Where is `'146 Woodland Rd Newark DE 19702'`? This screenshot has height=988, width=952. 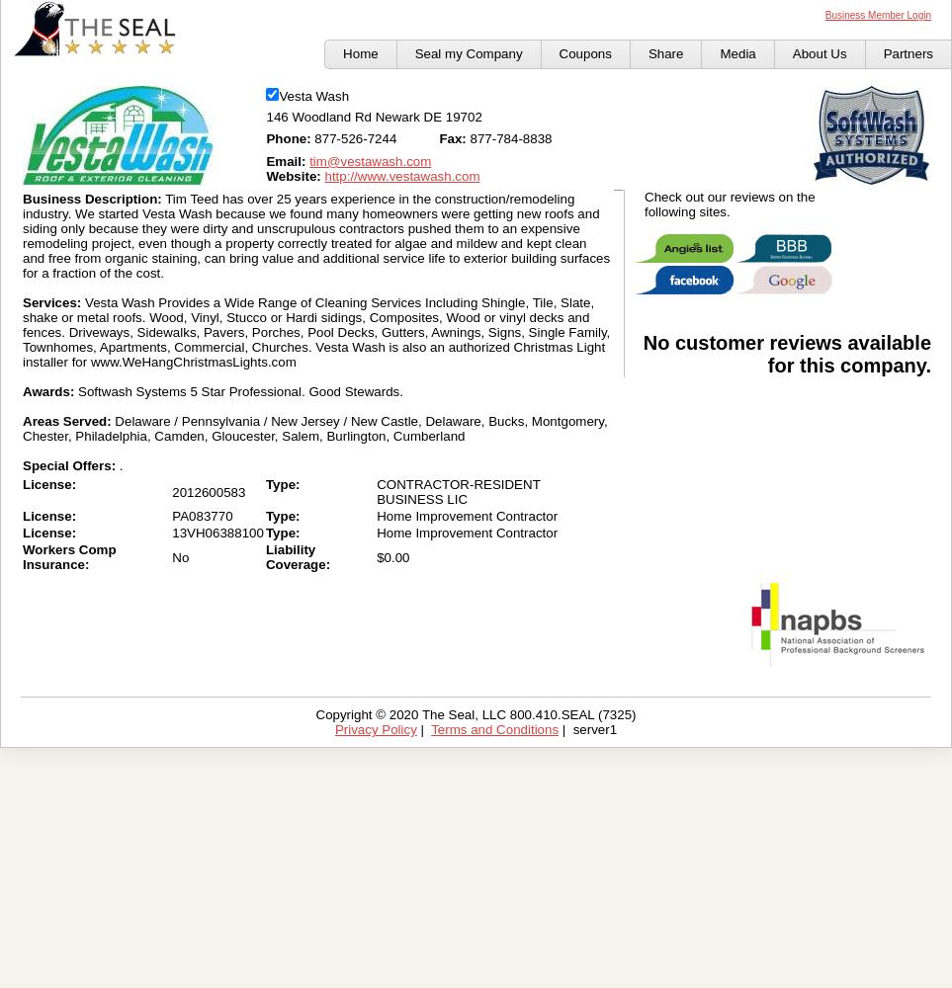 '146 Woodland Rd Newark DE 19702' is located at coordinates (372, 116).